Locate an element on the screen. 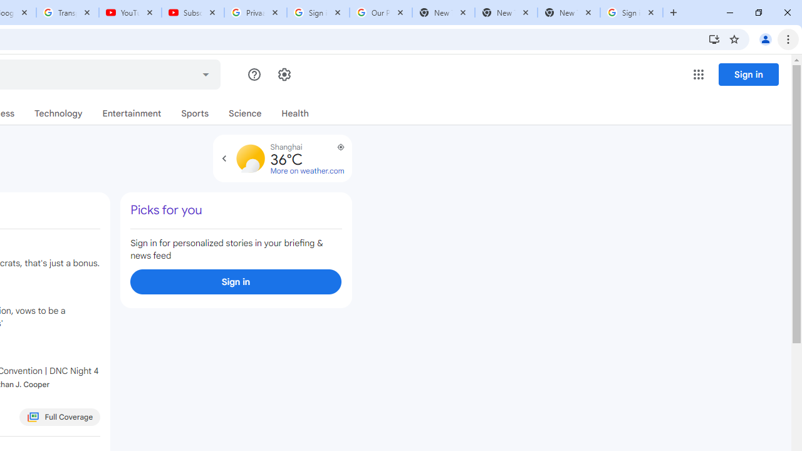 Image resolution: width=802 pixels, height=451 pixels. 'Health' is located at coordinates (294, 113).